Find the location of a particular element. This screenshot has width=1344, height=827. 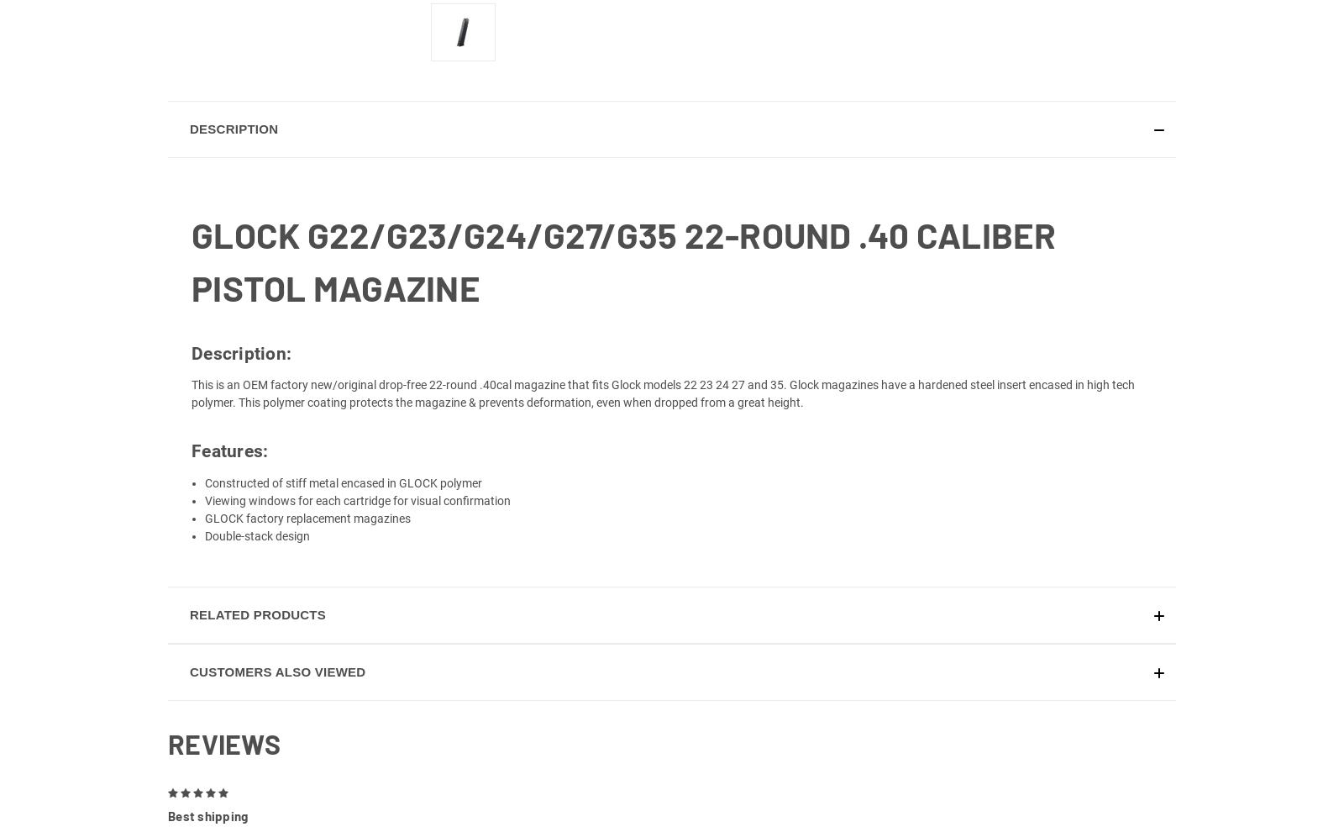

'Features:' is located at coordinates (229, 469).